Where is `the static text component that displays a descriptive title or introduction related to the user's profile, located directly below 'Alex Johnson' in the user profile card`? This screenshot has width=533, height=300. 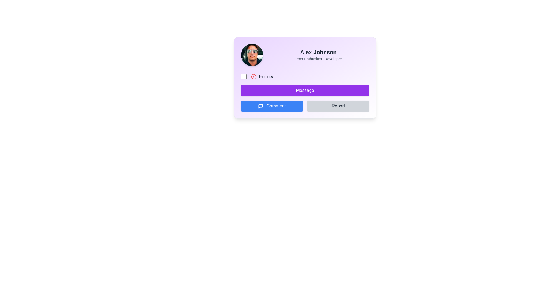 the static text component that displays a descriptive title or introduction related to the user's profile, located directly below 'Alex Johnson' in the user profile card is located at coordinates (318, 59).